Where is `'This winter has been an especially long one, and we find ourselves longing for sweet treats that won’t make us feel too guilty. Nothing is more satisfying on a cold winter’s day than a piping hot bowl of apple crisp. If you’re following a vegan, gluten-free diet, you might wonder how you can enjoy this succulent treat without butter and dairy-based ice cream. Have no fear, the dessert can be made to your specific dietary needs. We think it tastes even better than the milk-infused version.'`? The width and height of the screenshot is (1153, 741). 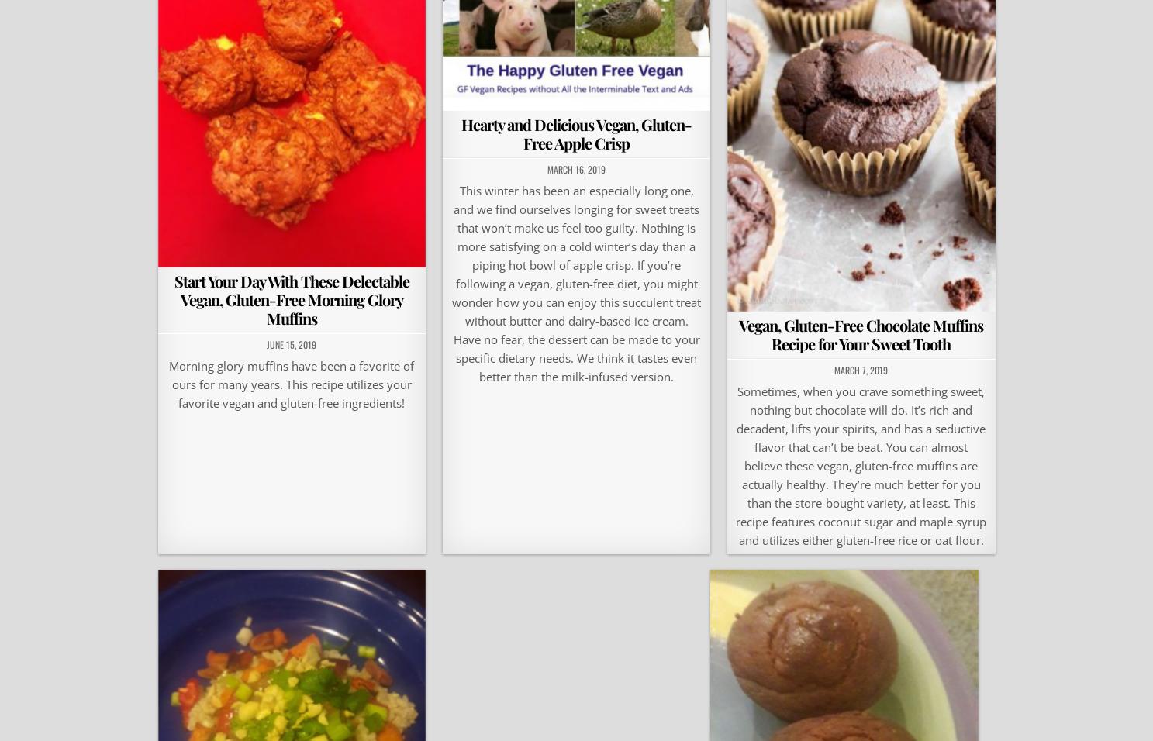 'This winter has been an especially long one, and we find ourselves longing for sweet treats that won’t make us feel too guilty. Nothing is more satisfying on a cold winter’s day than a piping hot bowl of apple crisp. If you’re following a vegan, gluten-free diet, you might wonder how you can enjoy this succulent treat without butter and dairy-based ice cream. Have no fear, the dessert can be made to your specific dietary needs. We think it tastes even better than the milk-infused version.' is located at coordinates (451, 283).